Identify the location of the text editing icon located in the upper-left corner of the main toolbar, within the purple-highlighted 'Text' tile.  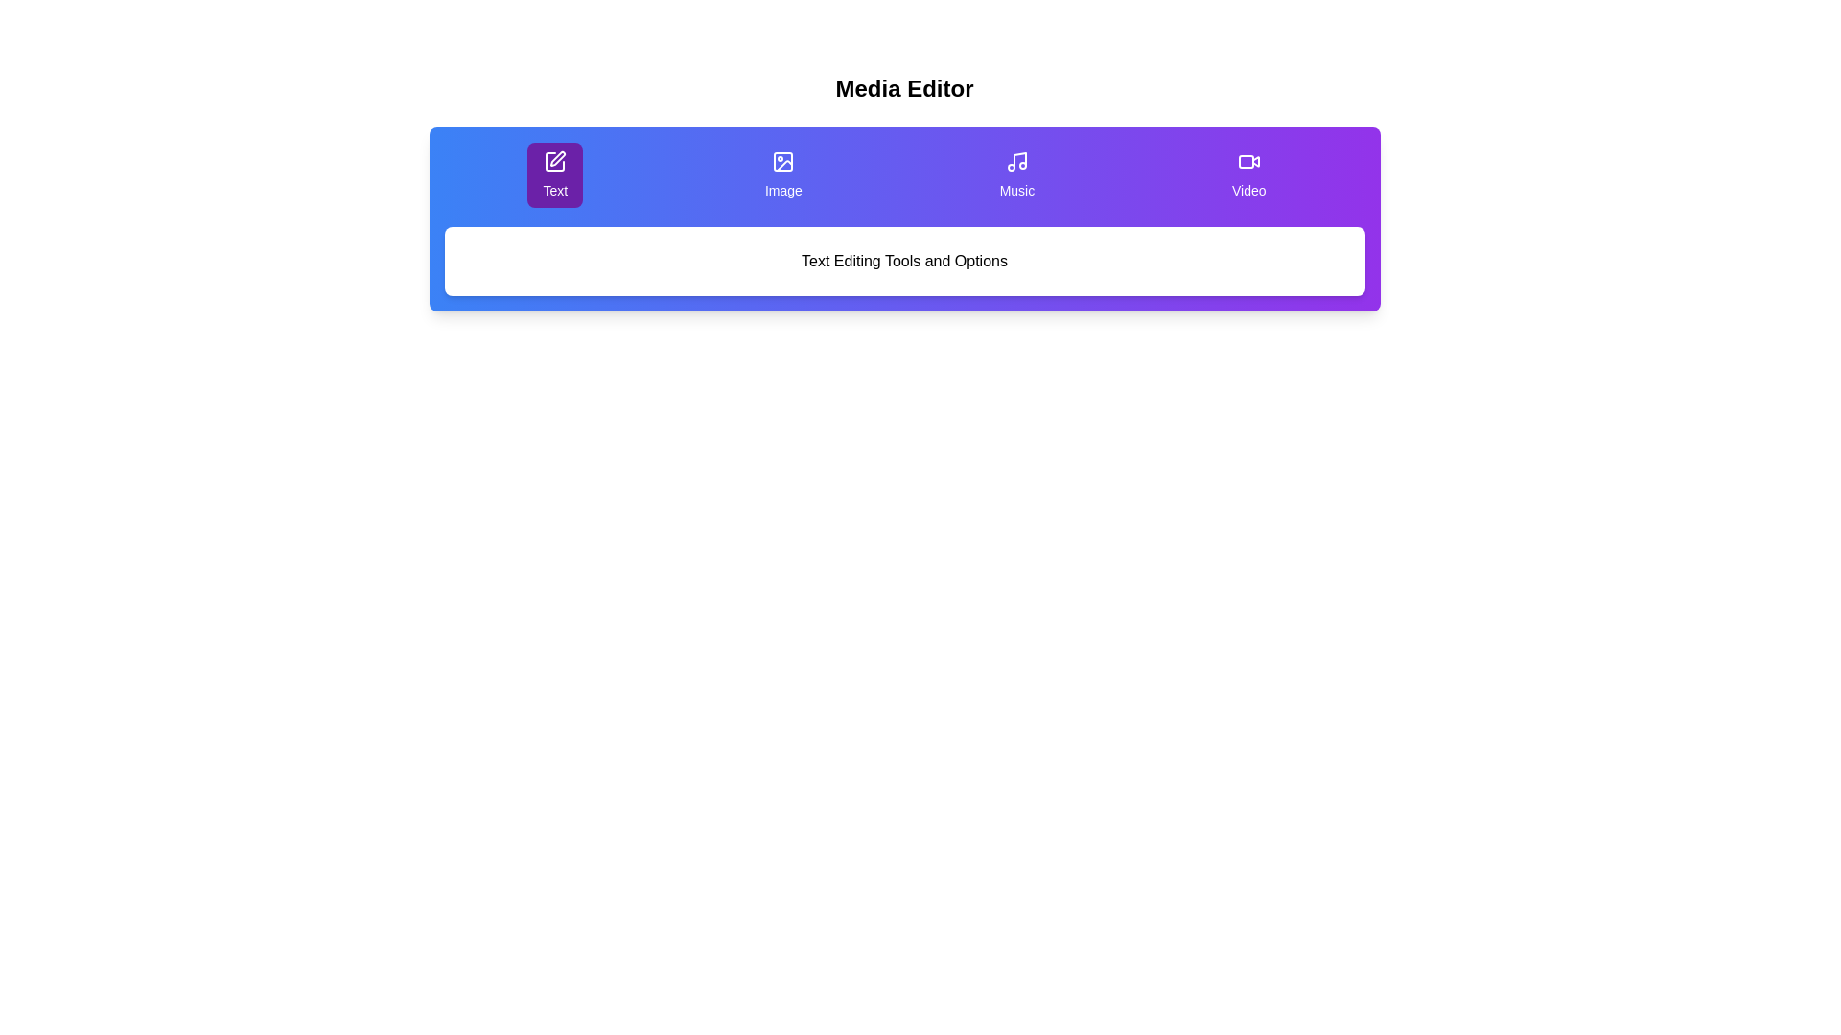
(554, 161).